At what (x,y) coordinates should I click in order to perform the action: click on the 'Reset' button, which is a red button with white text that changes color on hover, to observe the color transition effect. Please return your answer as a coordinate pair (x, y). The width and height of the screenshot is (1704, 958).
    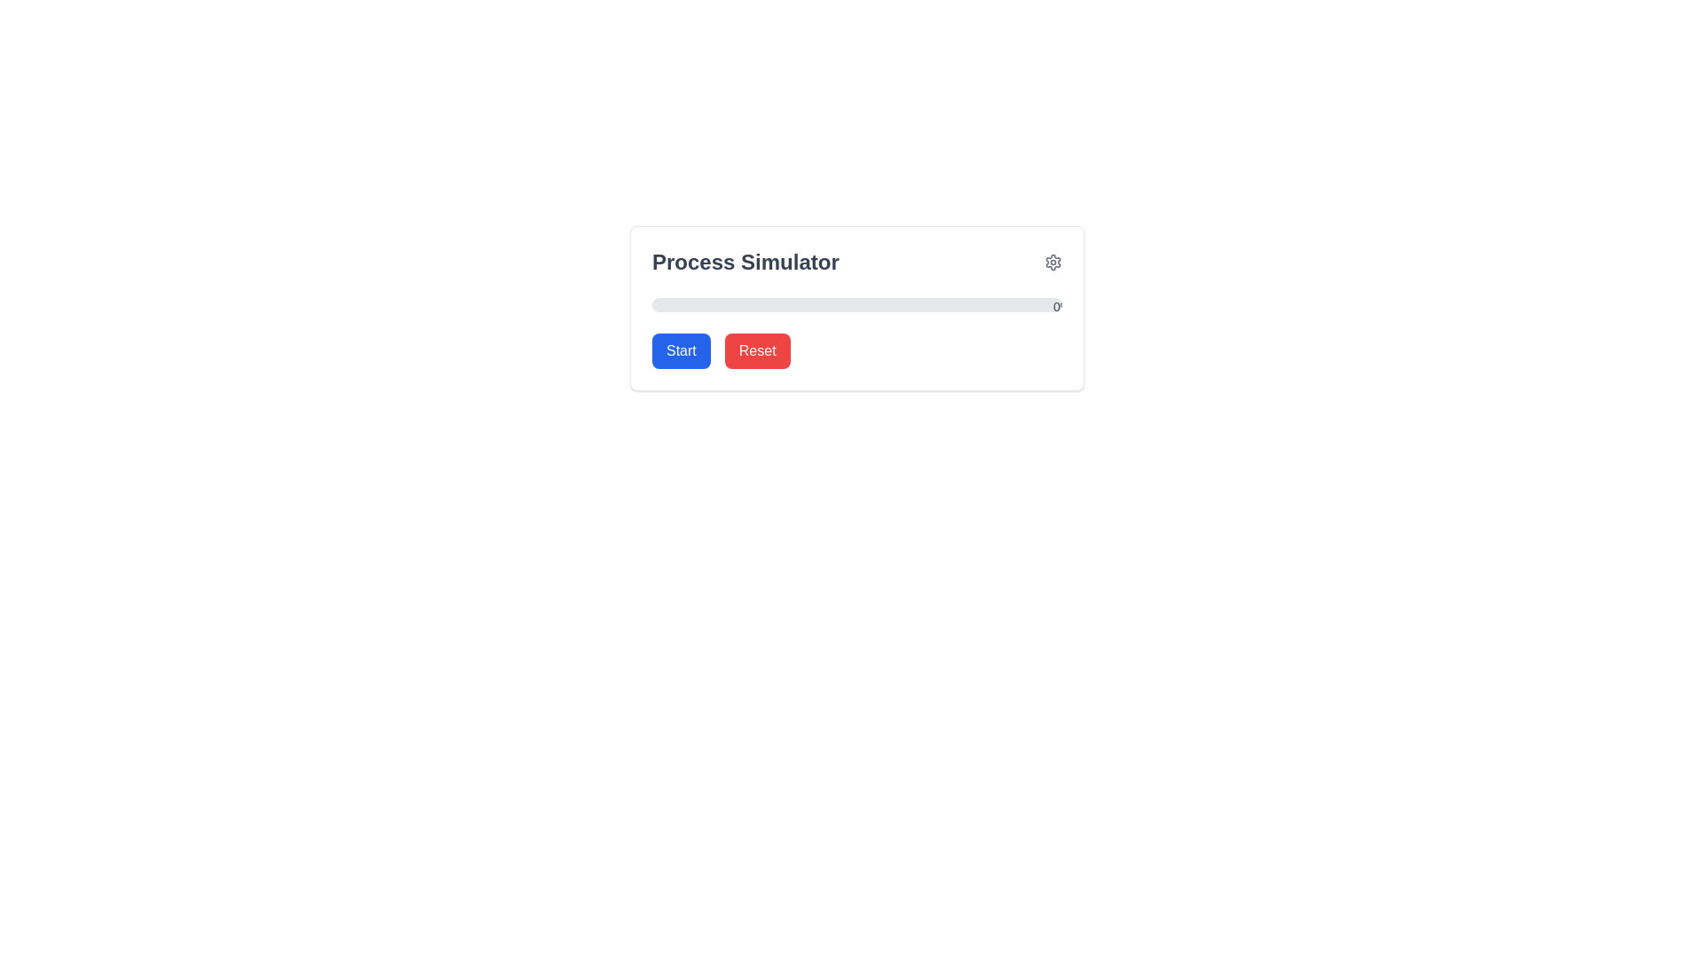
    Looking at the image, I should click on (757, 351).